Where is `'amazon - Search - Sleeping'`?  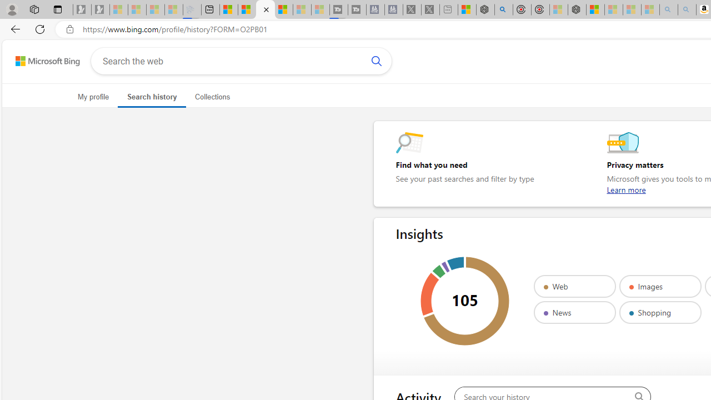 'amazon - Search - Sleeping' is located at coordinates (668, 9).